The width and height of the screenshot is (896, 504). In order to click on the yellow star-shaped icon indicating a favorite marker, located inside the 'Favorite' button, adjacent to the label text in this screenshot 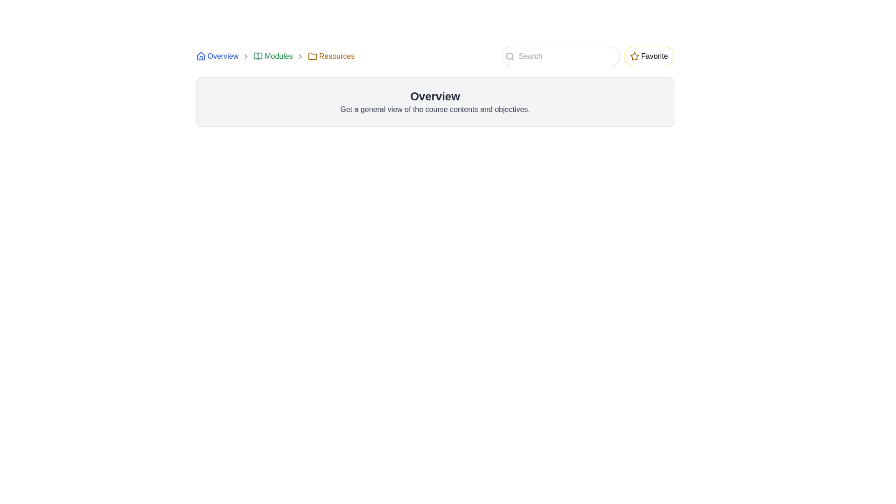, I will do `click(634, 56)`.